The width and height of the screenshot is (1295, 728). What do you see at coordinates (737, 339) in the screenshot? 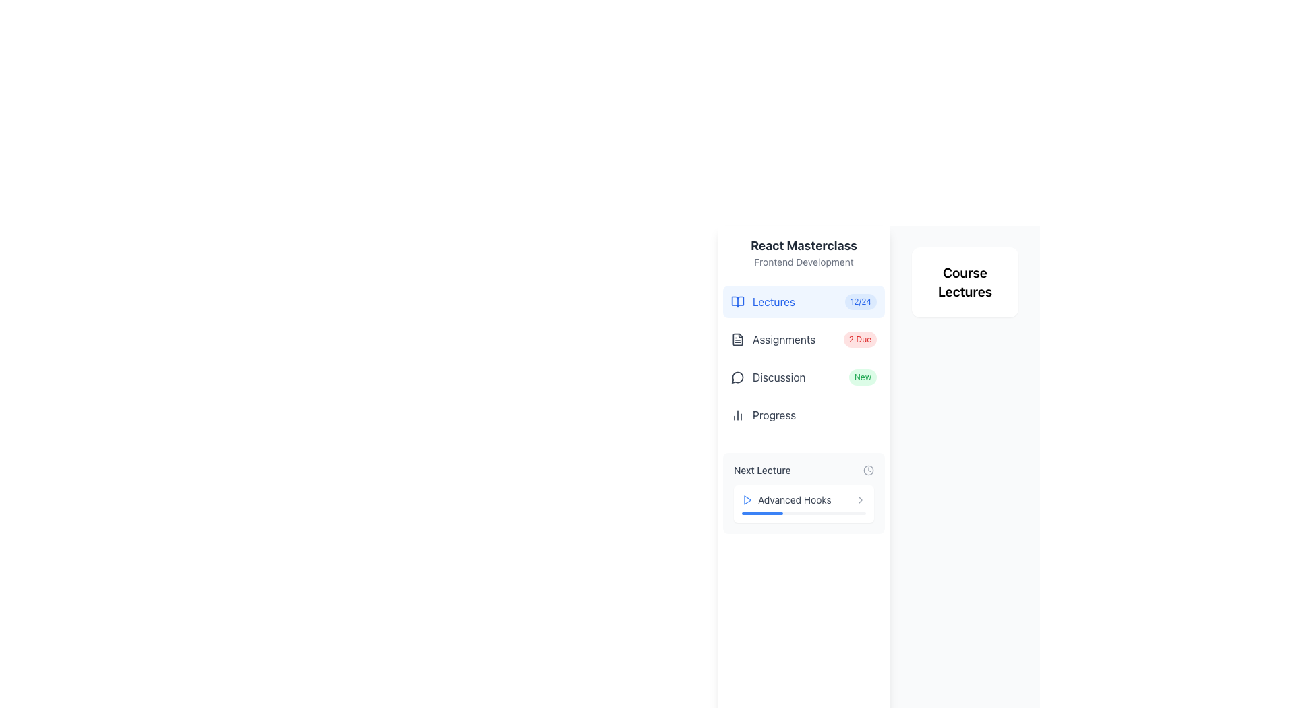
I see `the 'Assignments' SVG icon which visually represents the 'Assignments' section in the menu, located to the left of the text label` at bounding box center [737, 339].